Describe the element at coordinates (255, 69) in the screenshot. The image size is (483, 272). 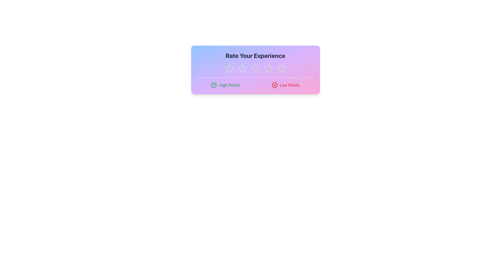
I see `the third star in the five-star rating system` at that location.